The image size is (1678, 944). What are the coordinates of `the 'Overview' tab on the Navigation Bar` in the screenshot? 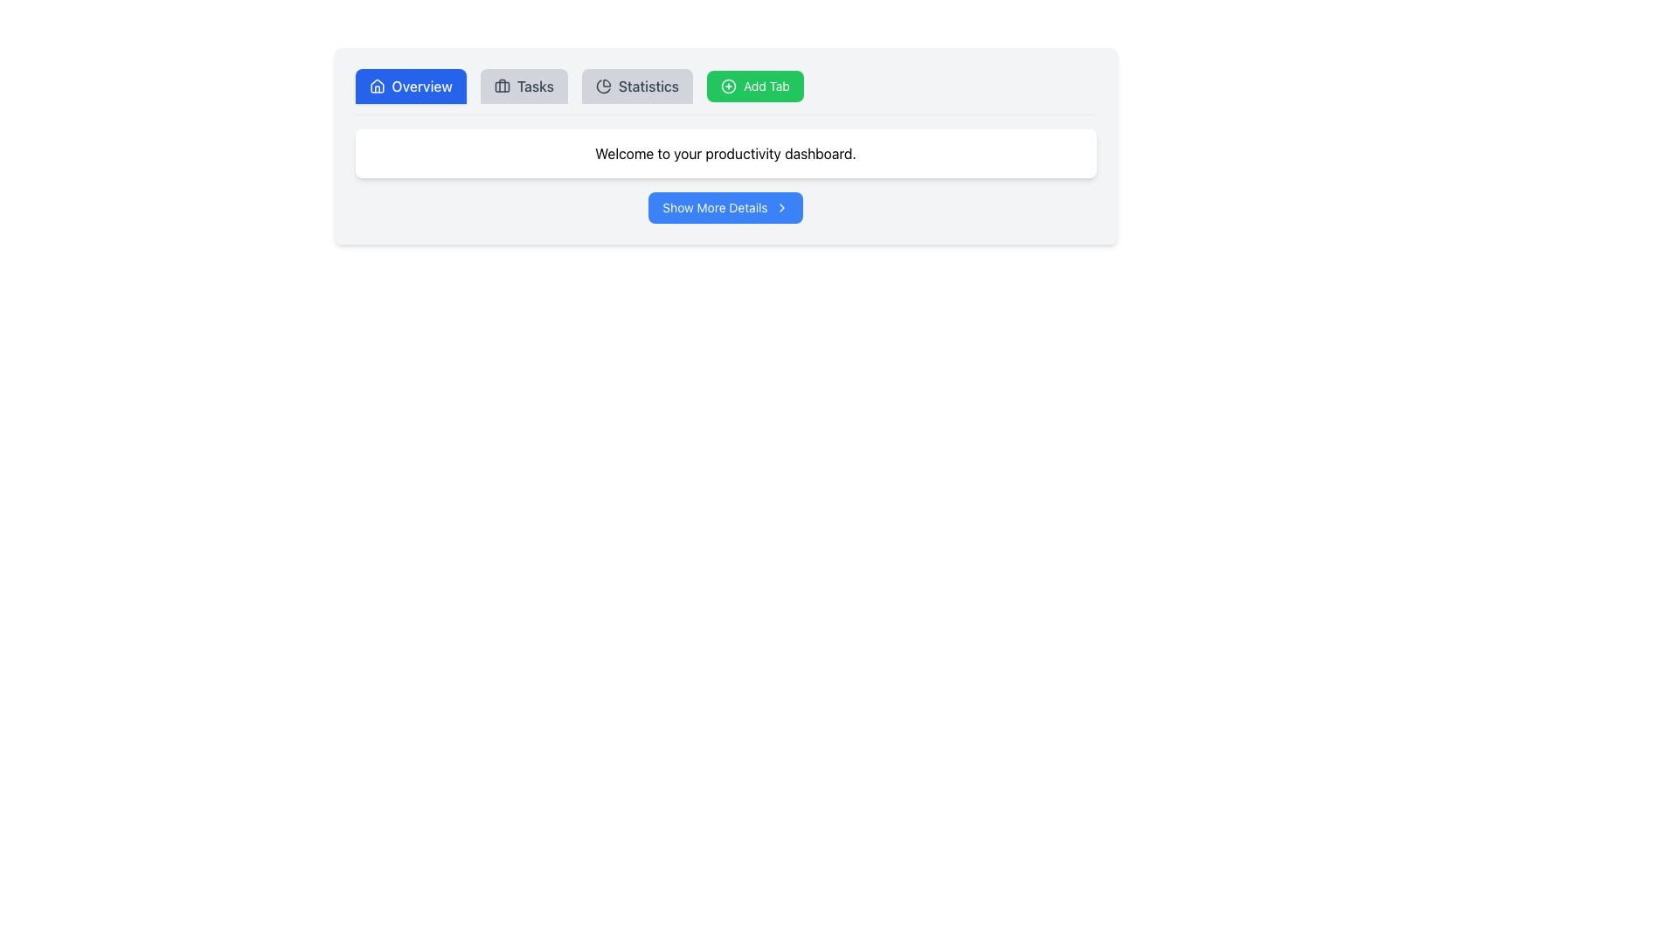 It's located at (725, 92).